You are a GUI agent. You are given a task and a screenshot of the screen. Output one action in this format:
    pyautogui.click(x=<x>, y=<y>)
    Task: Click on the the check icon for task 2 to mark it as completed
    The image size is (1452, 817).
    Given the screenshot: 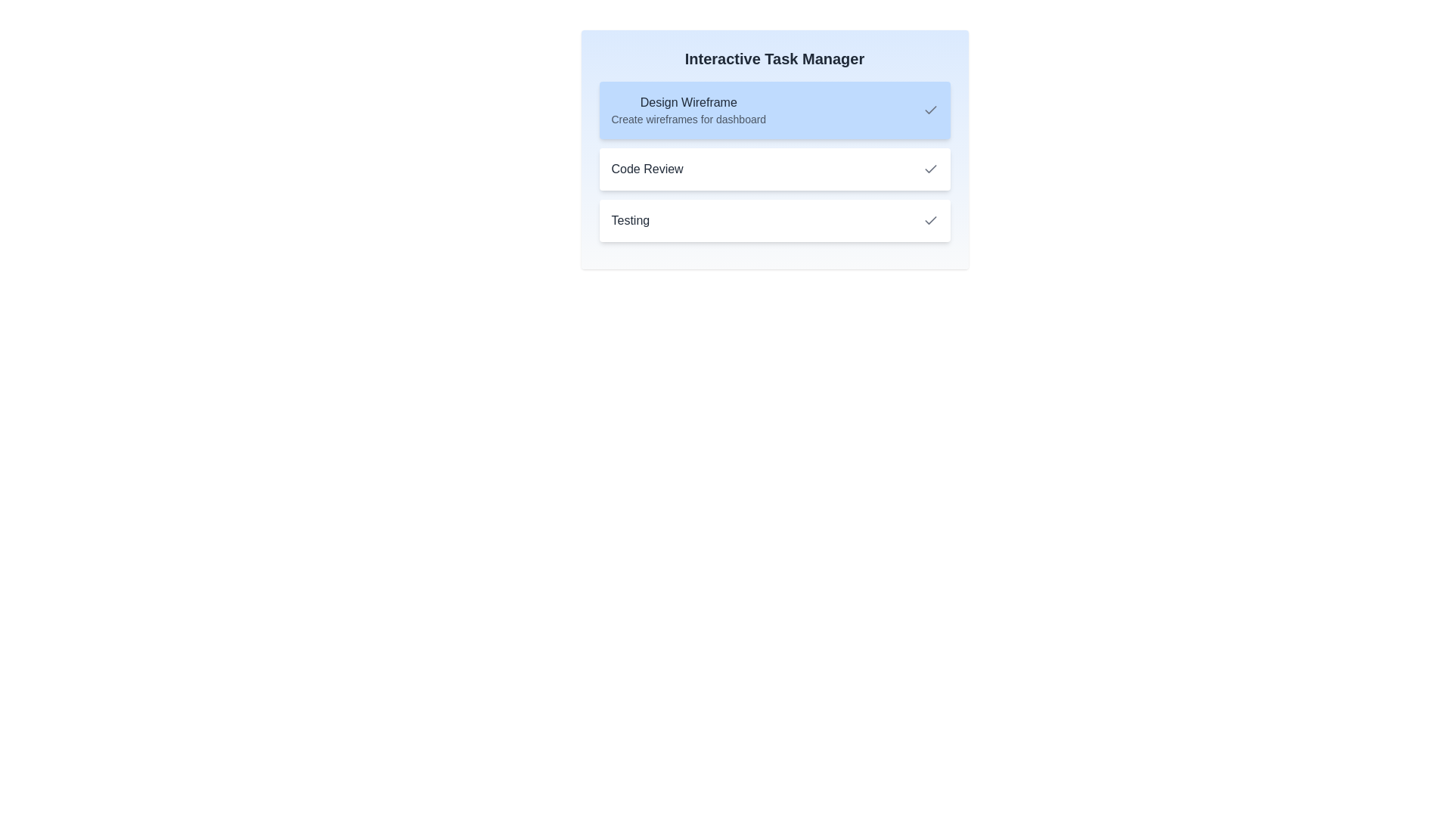 What is the action you would take?
    pyautogui.click(x=929, y=169)
    